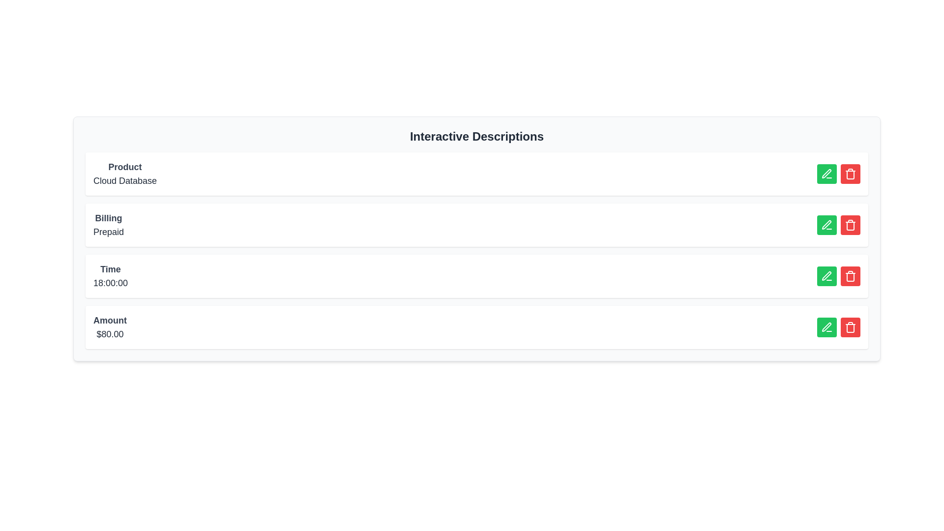 The width and height of the screenshot is (944, 531). I want to click on the small pen icon representing the edit functionality, located within the green button near the right side of the 'Time' row, above the trash bin icon in a red button, so click(826, 276).